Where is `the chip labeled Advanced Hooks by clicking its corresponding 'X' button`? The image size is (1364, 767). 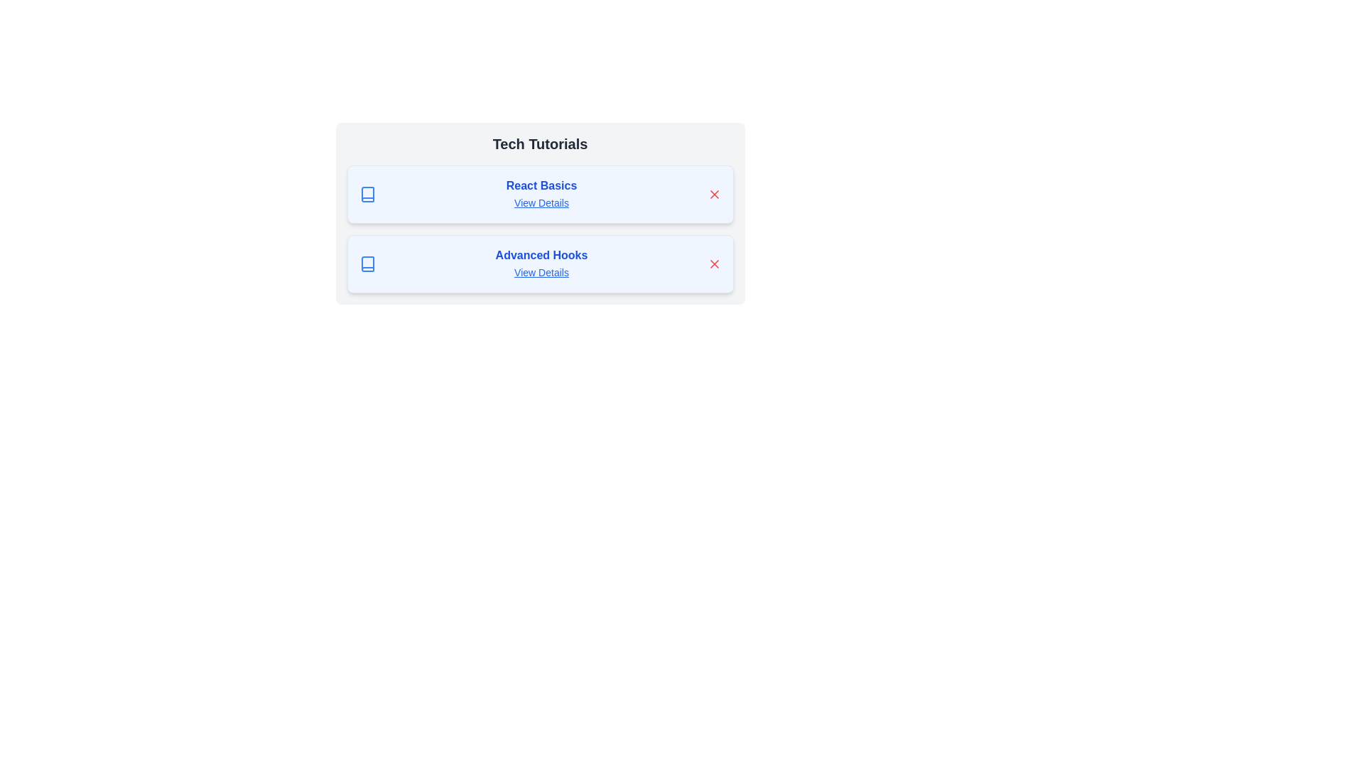
the chip labeled Advanced Hooks by clicking its corresponding 'X' button is located at coordinates (714, 263).